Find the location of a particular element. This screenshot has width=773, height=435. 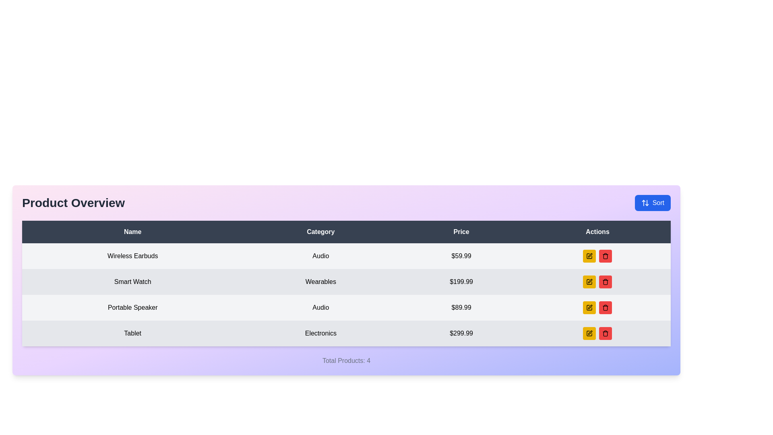

the delete button located in the 'Actions' column of the last row of the table, which is adjacent to a yellow button and aligns horizontally with the 'Tablet' product row to observe the hover effect is located at coordinates (606, 333).